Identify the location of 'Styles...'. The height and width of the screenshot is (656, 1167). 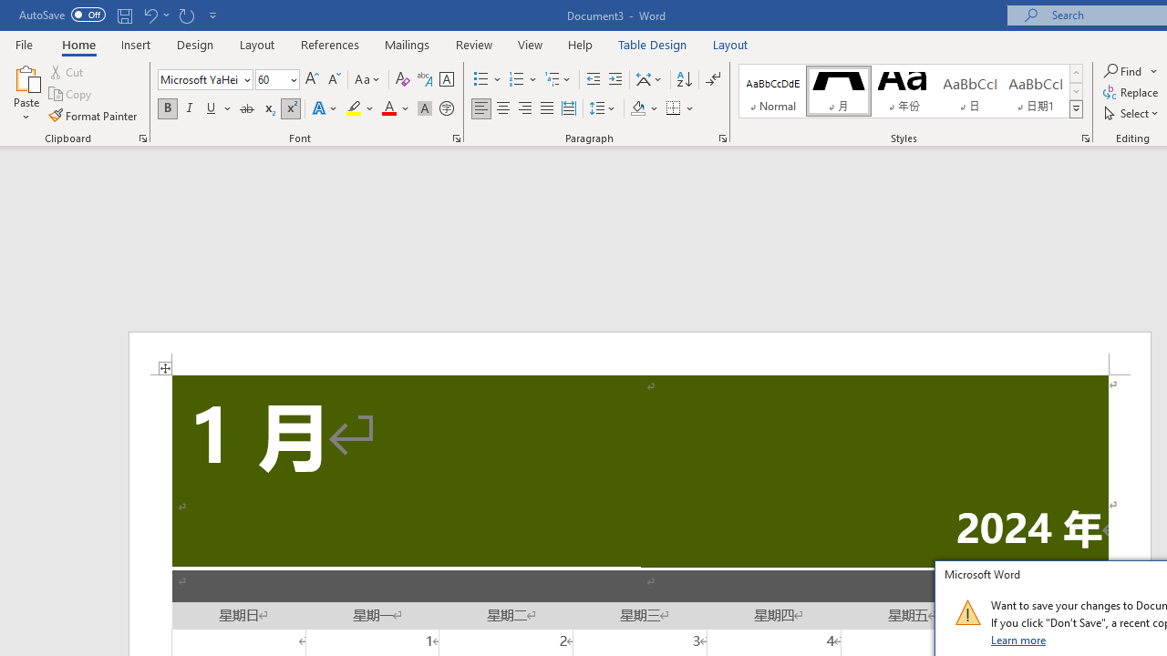
(1086, 137).